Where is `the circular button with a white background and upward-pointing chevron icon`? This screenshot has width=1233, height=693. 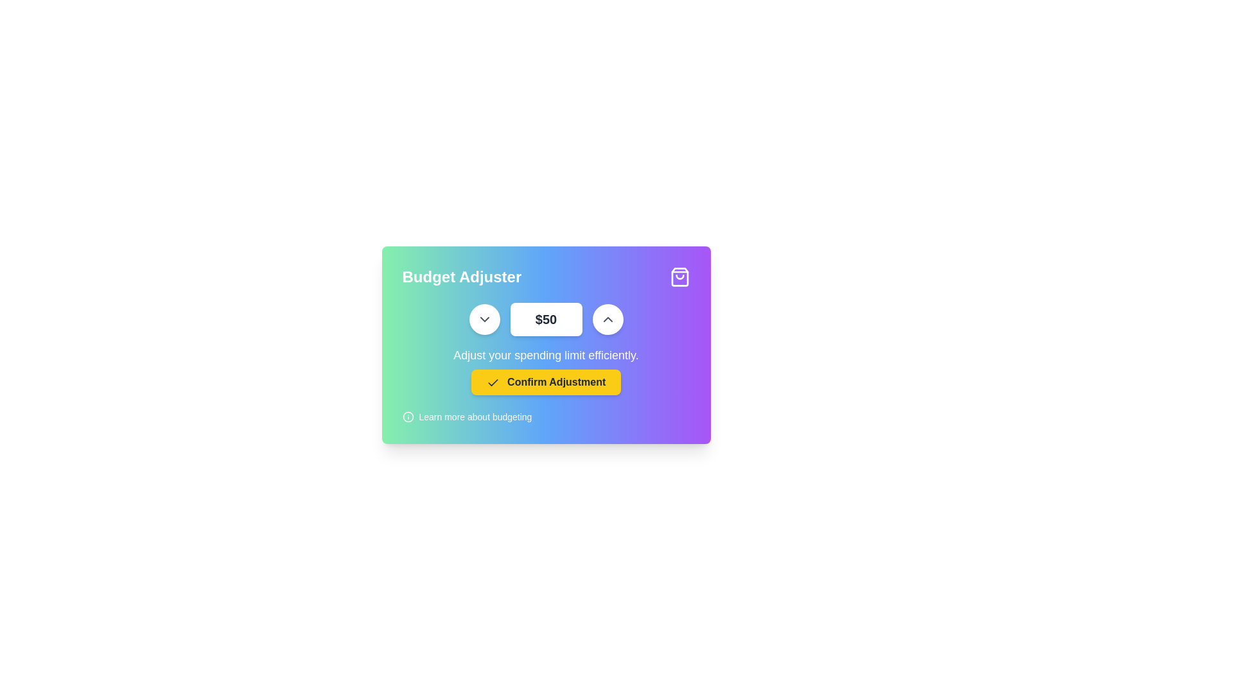
the circular button with a white background and upward-pointing chevron icon is located at coordinates (607, 318).